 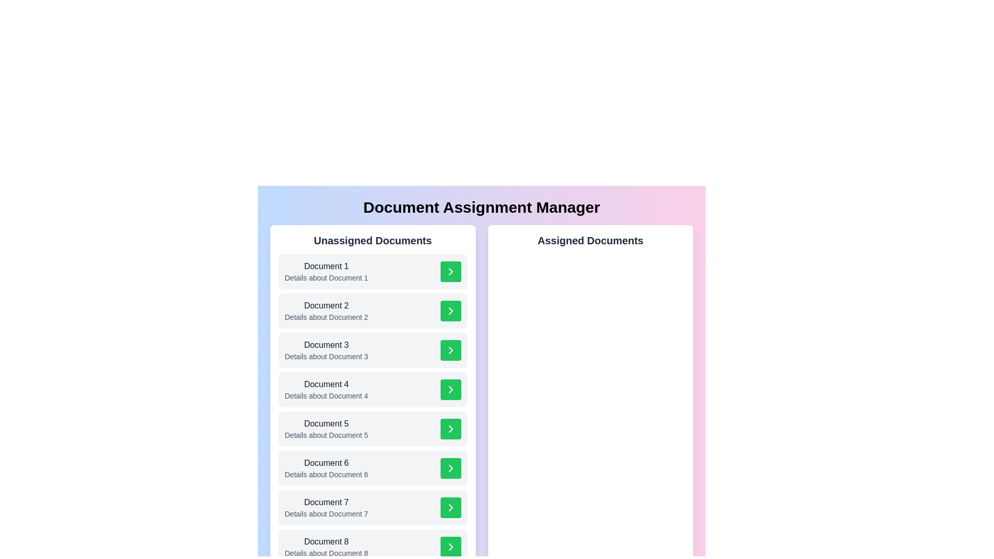 What do you see at coordinates (450, 468) in the screenshot?
I see `the icon located centrally inside the green button for 'Document 6' in the 'Unassigned Documents' section` at bounding box center [450, 468].